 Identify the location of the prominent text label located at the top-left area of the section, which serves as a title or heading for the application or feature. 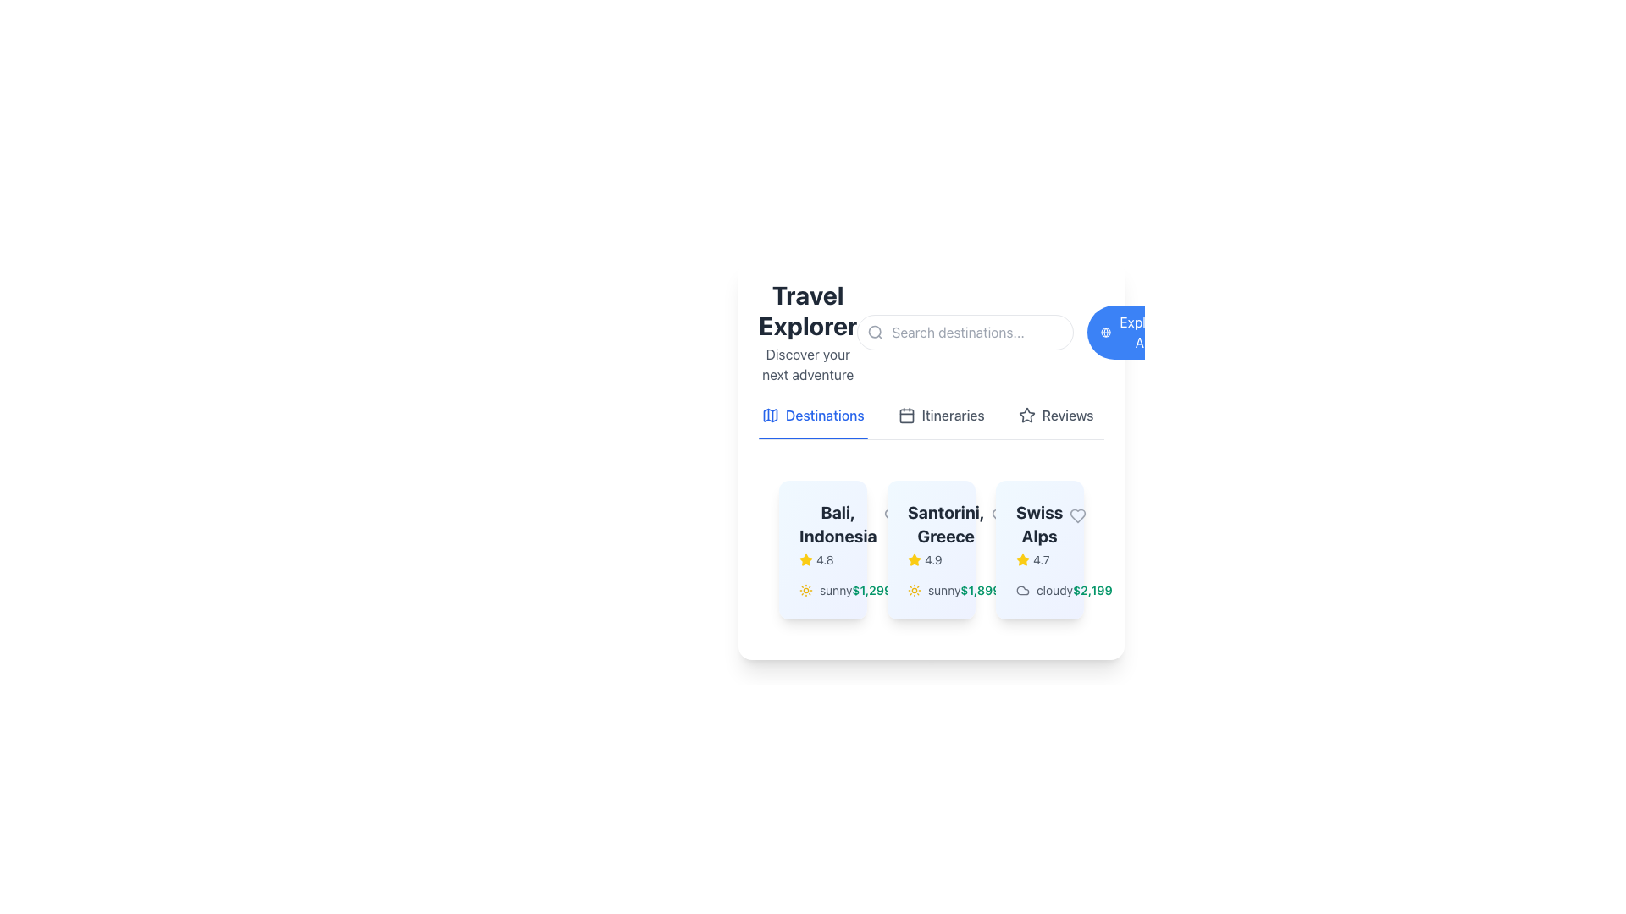
(807, 310).